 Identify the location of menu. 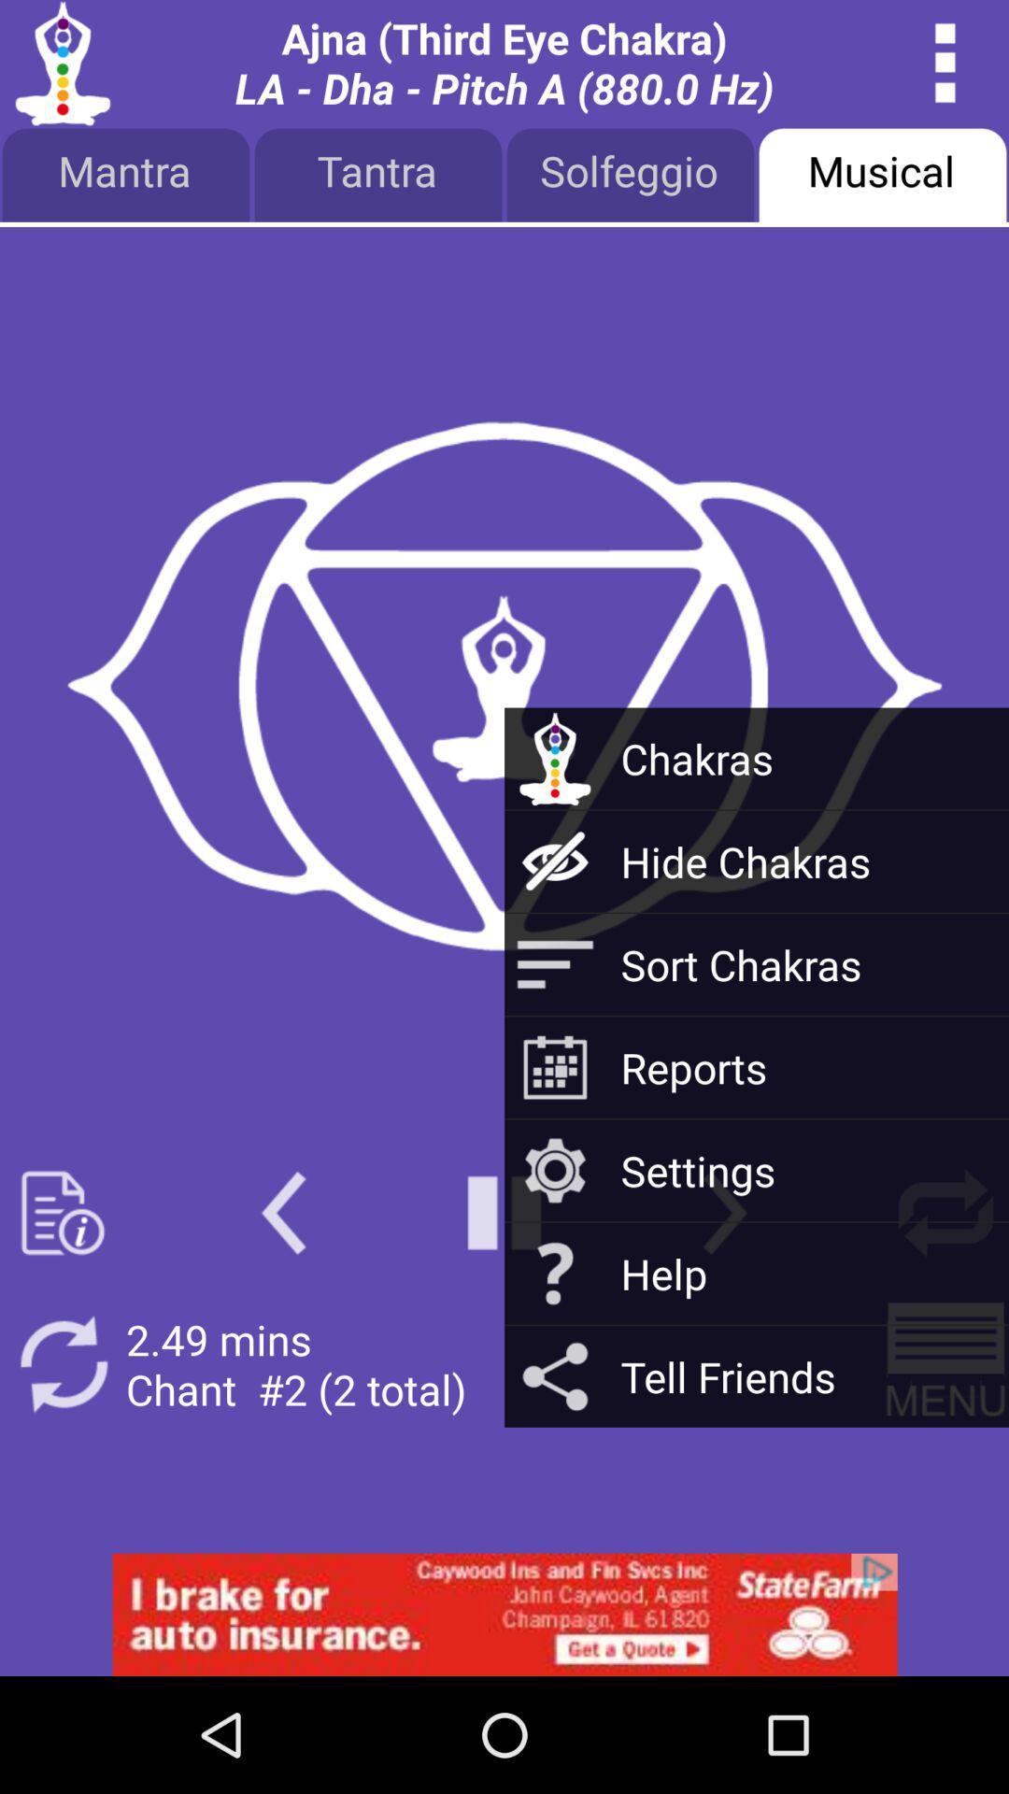
(945, 1364).